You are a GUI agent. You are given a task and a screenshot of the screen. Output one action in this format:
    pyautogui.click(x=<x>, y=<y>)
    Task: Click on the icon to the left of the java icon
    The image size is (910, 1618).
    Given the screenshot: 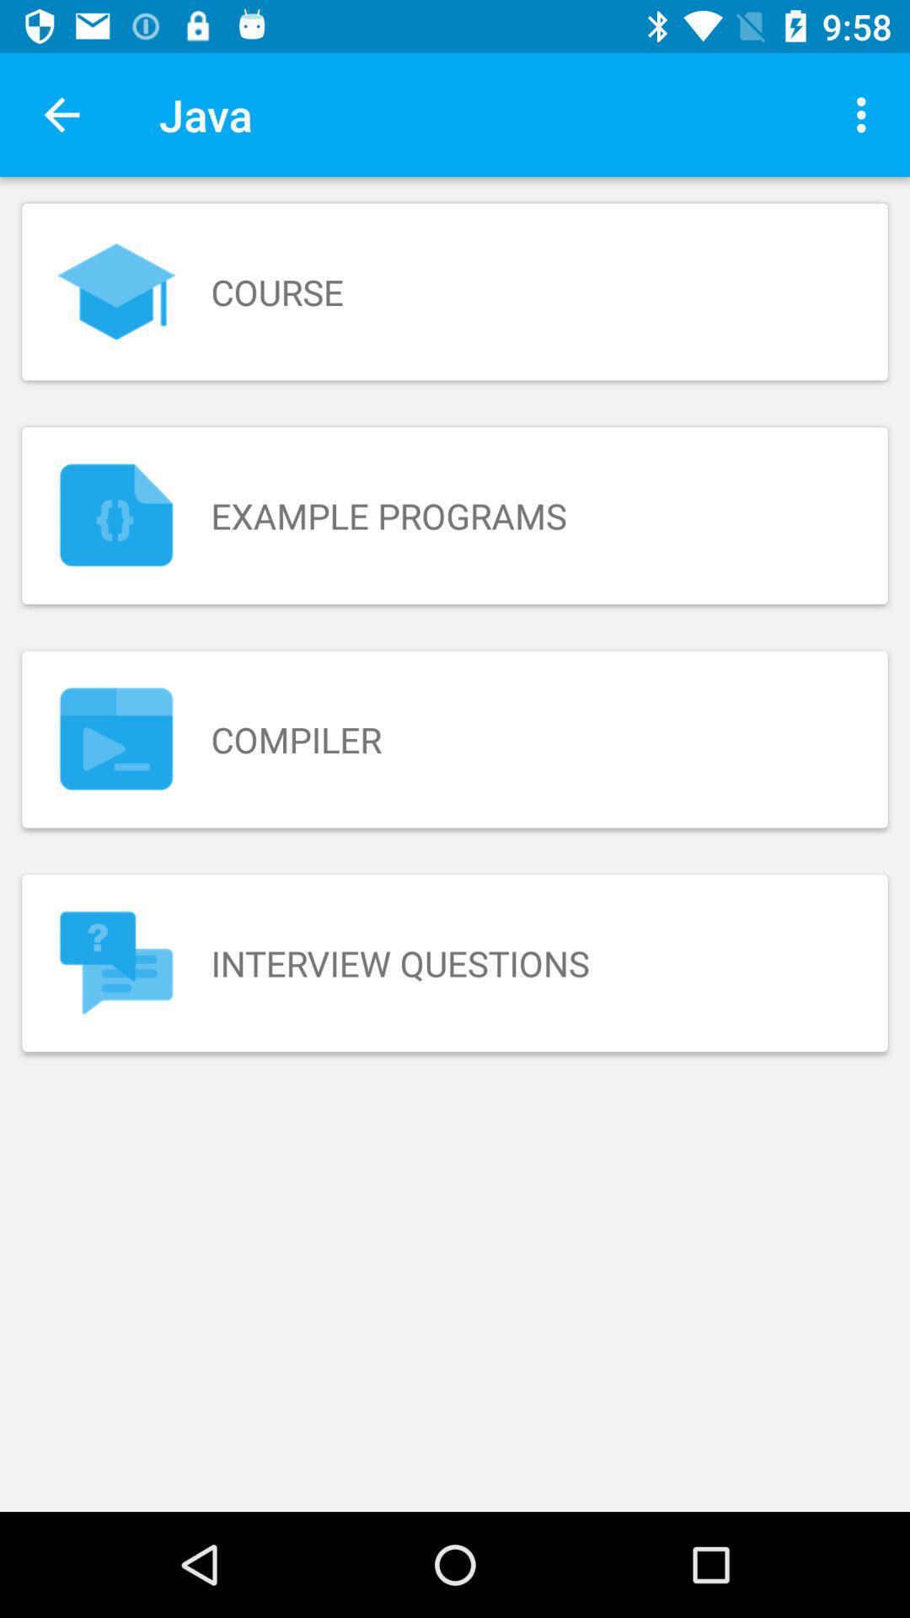 What is the action you would take?
    pyautogui.click(x=61, y=114)
    